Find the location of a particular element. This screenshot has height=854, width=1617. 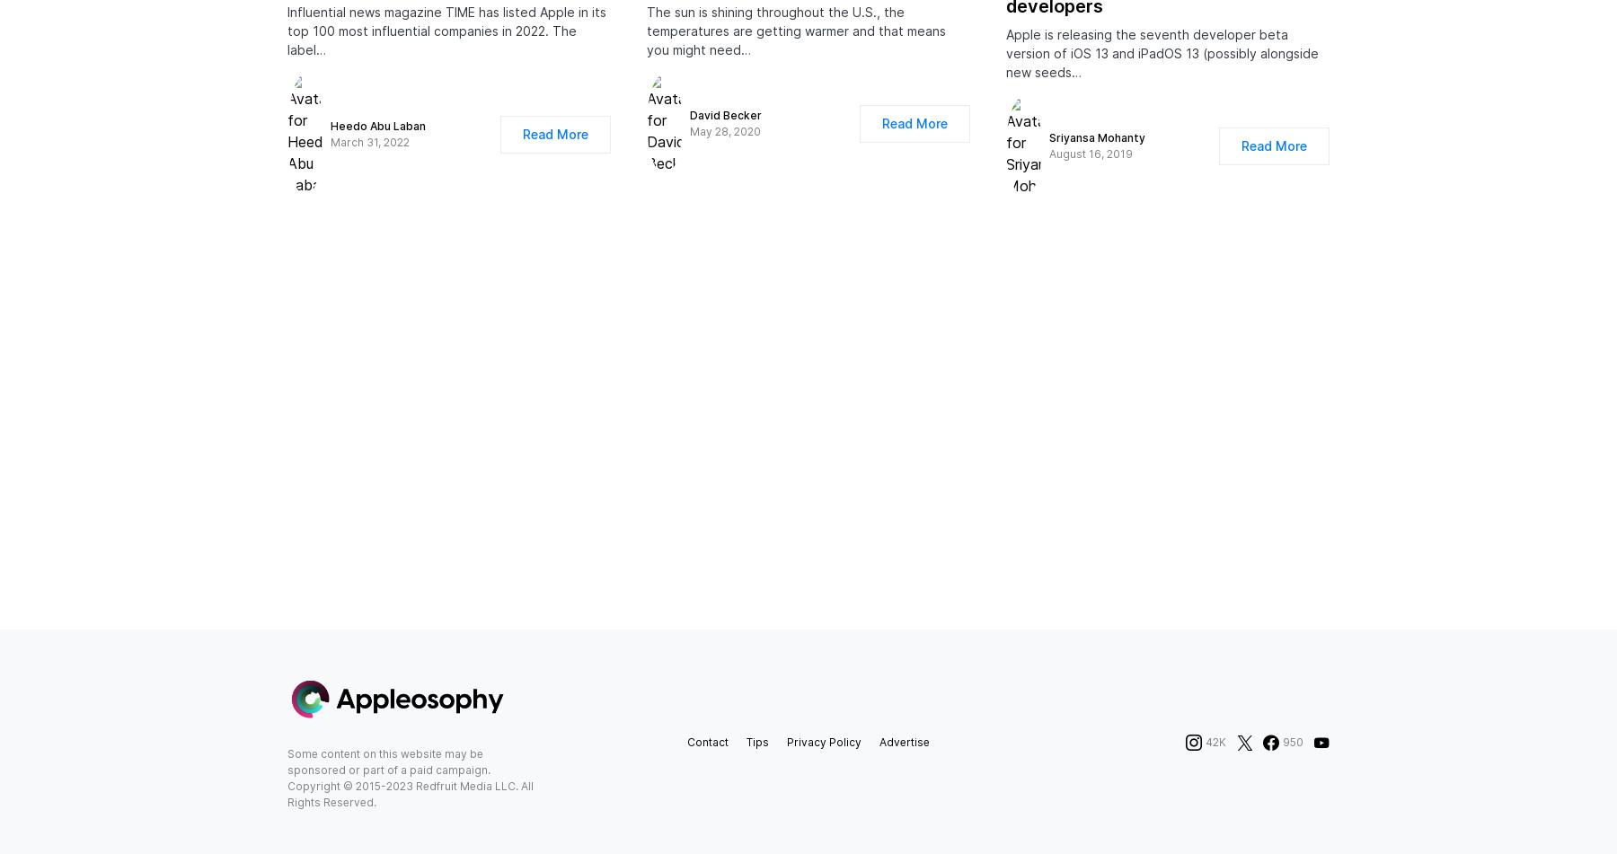

'Apple is releasing the seventh developer beta version of iOS 13 and iPadOS 13 (possibly alongside new seeds…' is located at coordinates (1162, 71).